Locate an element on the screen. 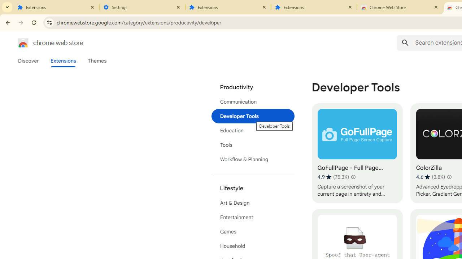 Image resolution: width=462 pixels, height=259 pixels. 'Tools' is located at coordinates (253, 145).